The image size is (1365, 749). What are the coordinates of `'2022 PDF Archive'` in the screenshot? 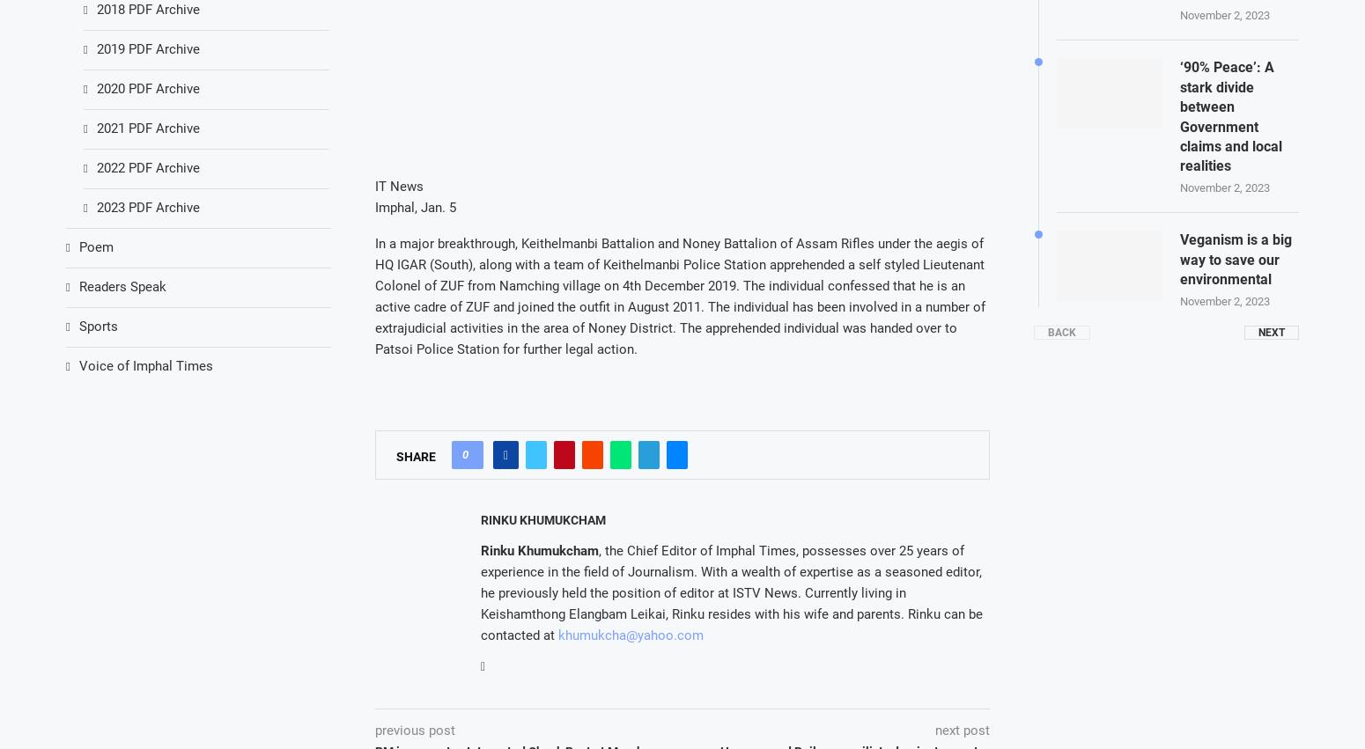 It's located at (95, 166).